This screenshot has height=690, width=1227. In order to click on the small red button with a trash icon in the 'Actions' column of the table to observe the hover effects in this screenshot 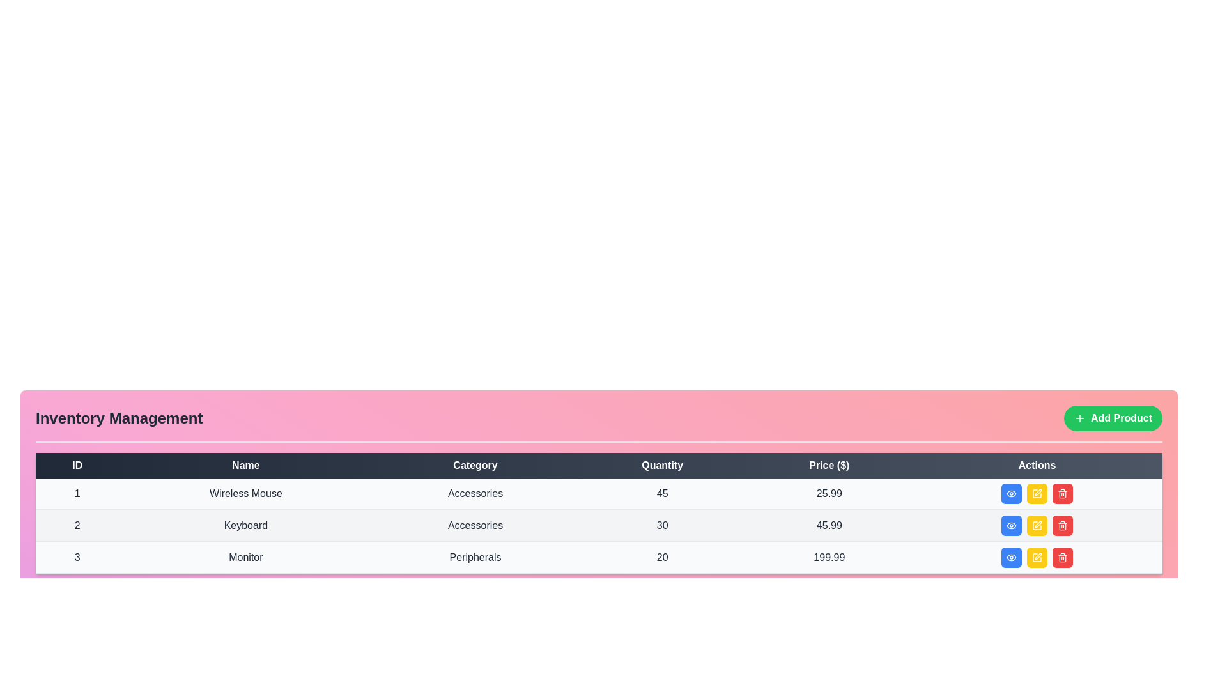, I will do `click(1063, 493)`.